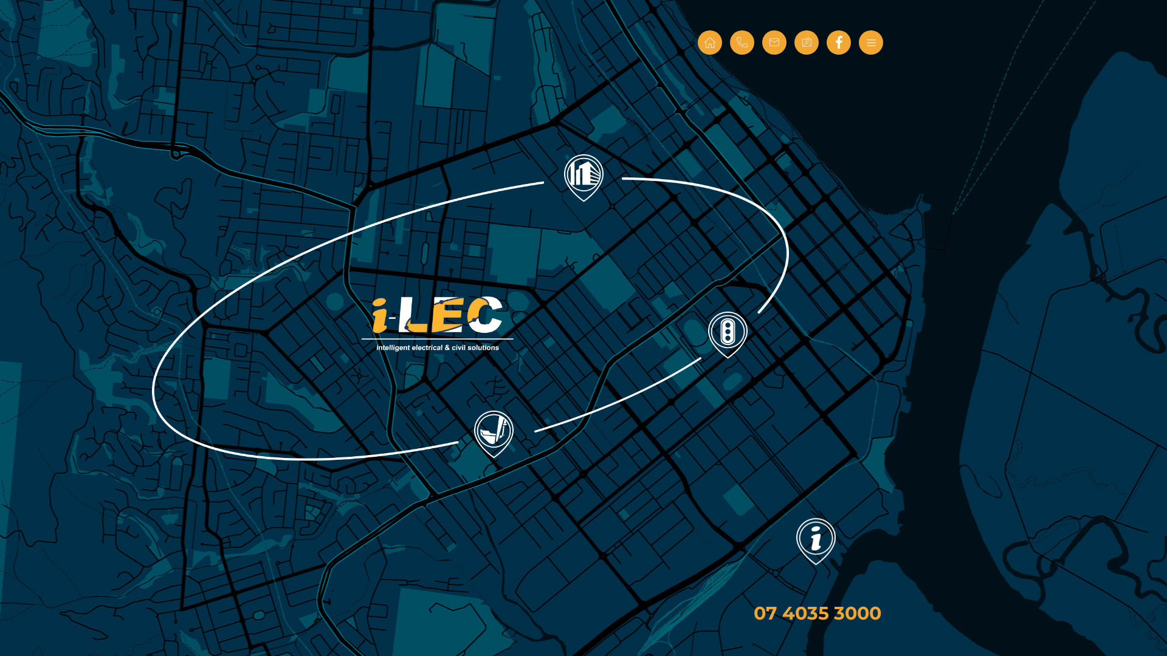  Describe the element at coordinates (817, 613) in the screenshot. I see `'07 4035 3000'` at that location.